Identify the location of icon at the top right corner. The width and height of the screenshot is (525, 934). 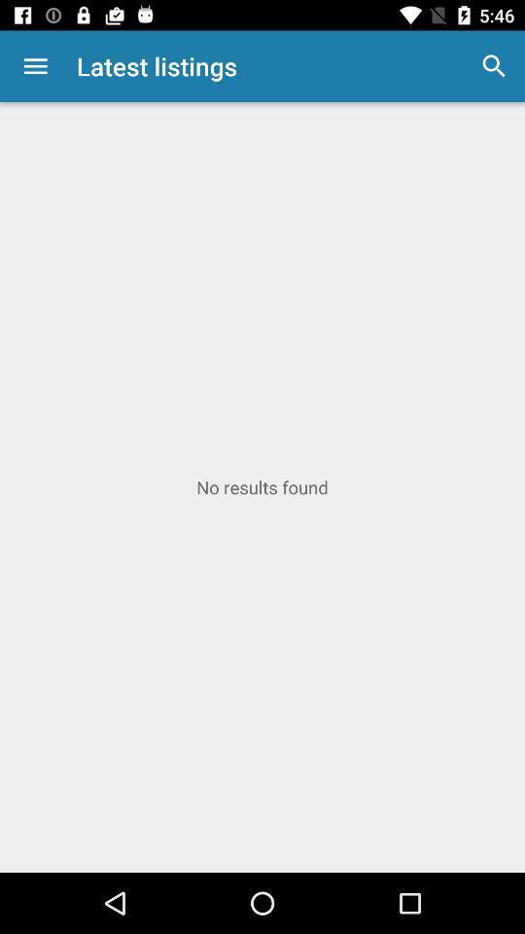
(494, 66).